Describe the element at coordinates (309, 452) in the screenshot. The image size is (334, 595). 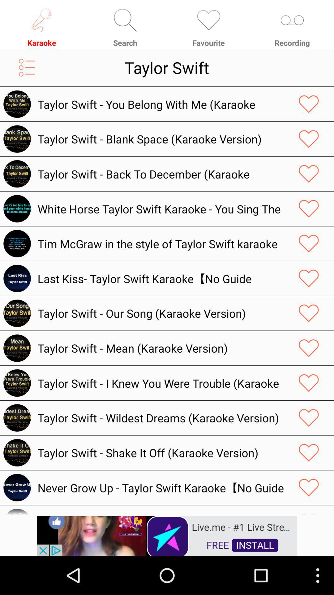
I see `like the page` at that location.